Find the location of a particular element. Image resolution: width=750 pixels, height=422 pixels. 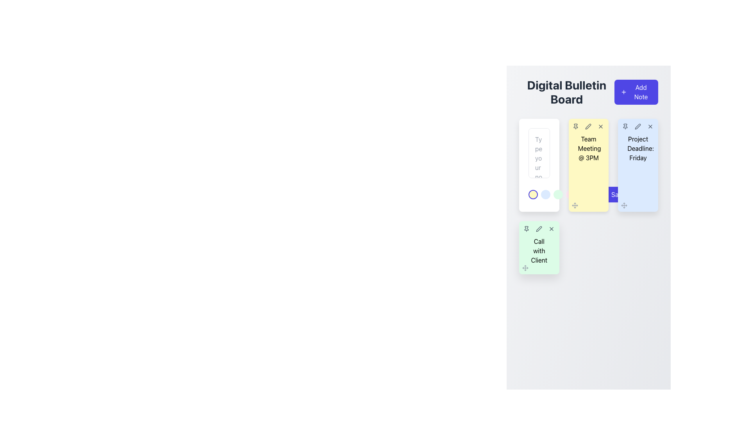

the small pen icon located in the header of the blue note titled 'Project Deadline: Friday' is located at coordinates (637, 126).